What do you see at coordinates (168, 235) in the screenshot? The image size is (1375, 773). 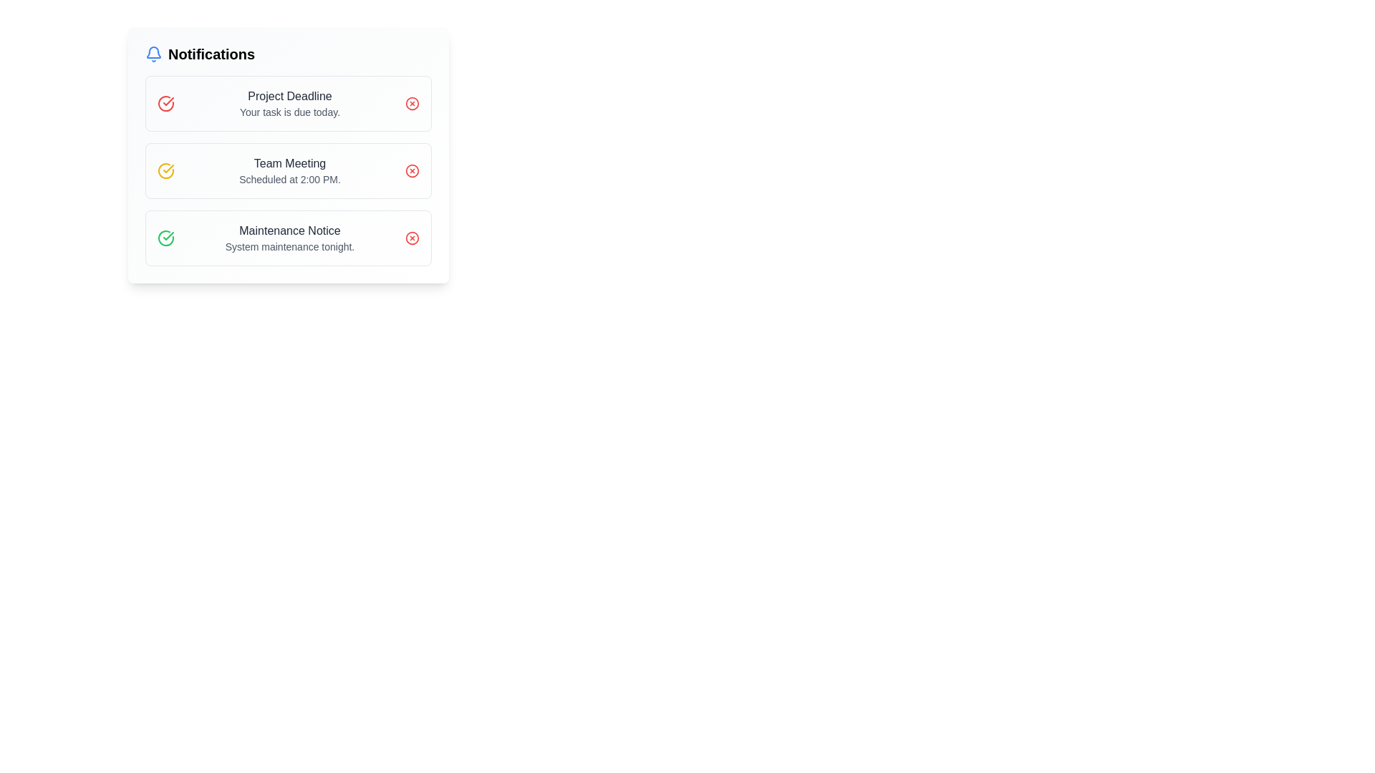 I see `the small green checkmark icon within the notification labeled 'Maintenance Notice', which indicates a positive or completion status` at bounding box center [168, 235].